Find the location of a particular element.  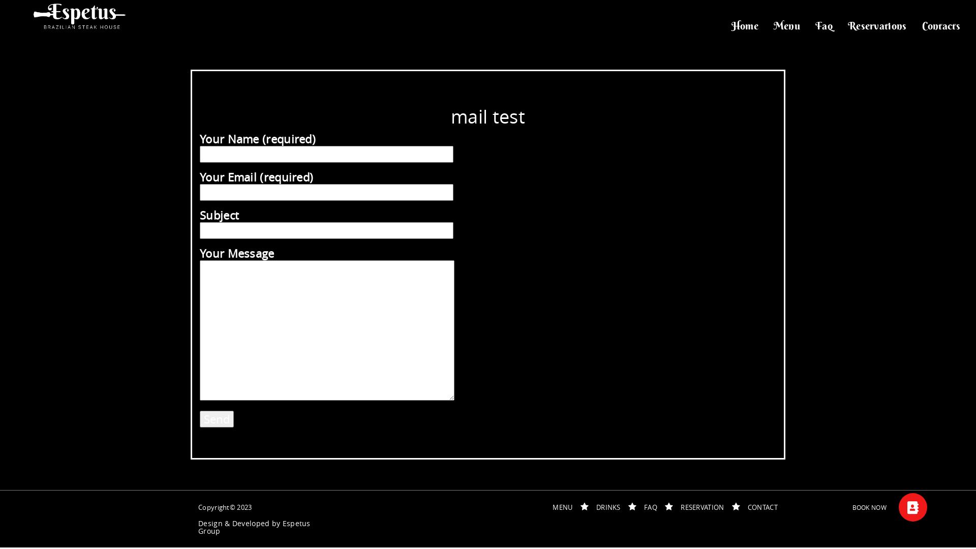

'Faq' is located at coordinates (824, 25).